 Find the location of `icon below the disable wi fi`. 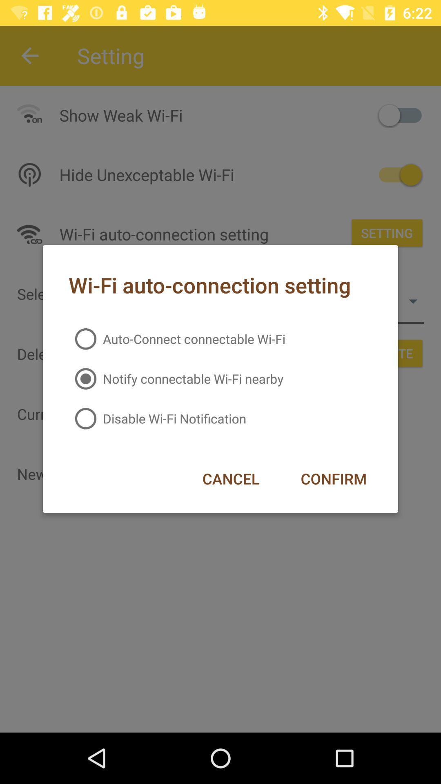

icon below the disable wi fi is located at coordinates (231, 479).